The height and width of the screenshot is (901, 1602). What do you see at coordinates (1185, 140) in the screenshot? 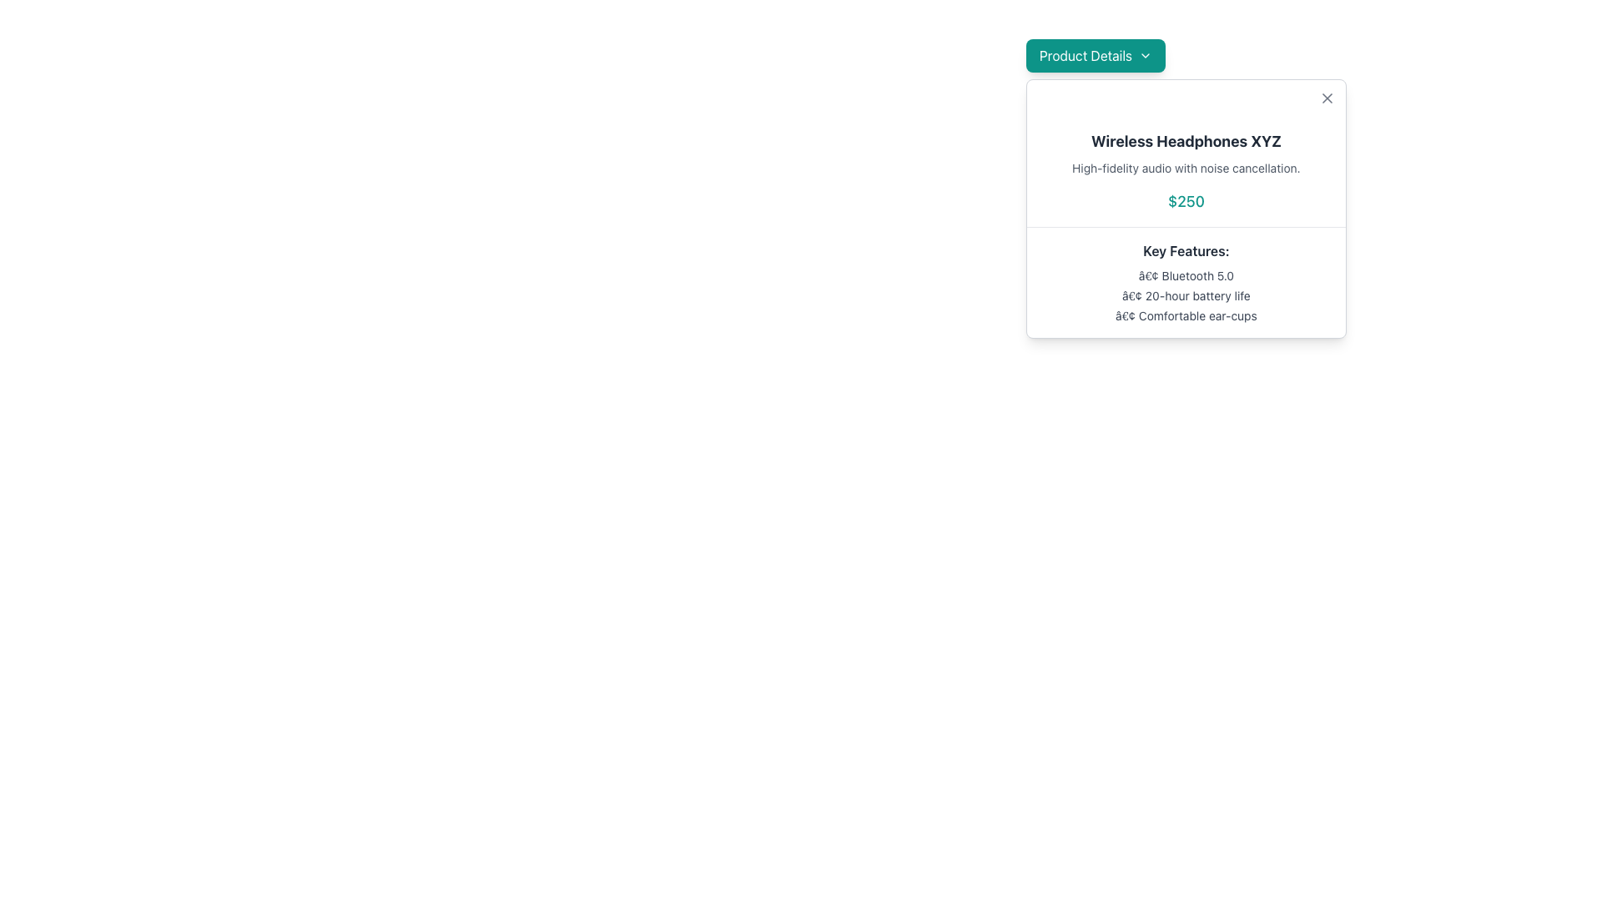
I see `the bold text label that says 'Wireless Headphones XYZ', positioned at the top-center of the product information card` at bounding box center [1185, 140].